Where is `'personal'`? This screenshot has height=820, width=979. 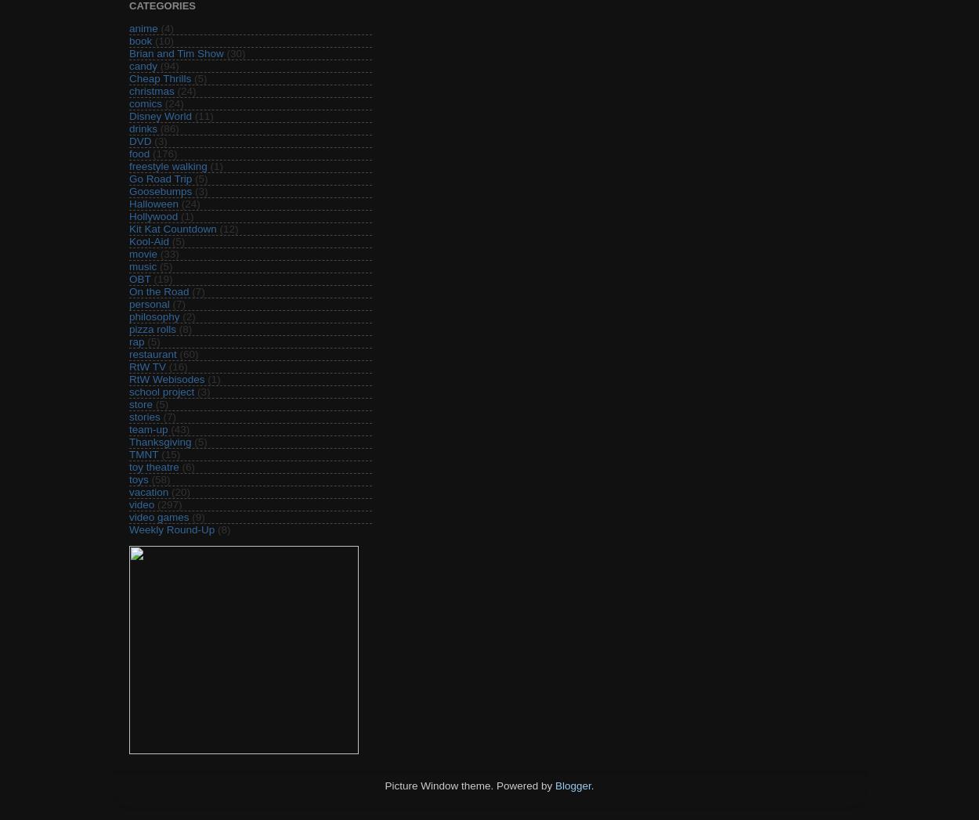 'personal' is located at coordinates (148, 302).